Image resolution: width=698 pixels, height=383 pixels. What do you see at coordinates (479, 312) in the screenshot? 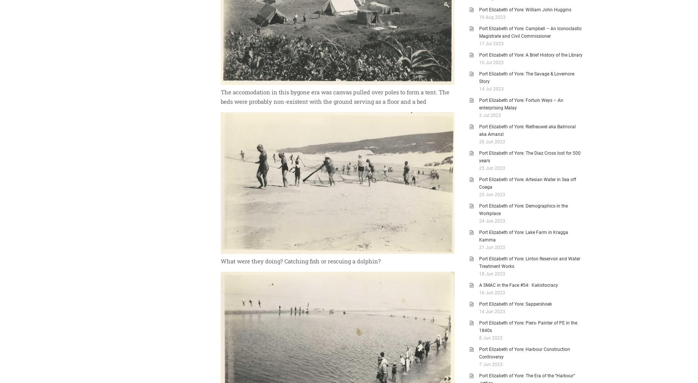
I see `'14 Jun 2023'` at bounding box center [479, 312].